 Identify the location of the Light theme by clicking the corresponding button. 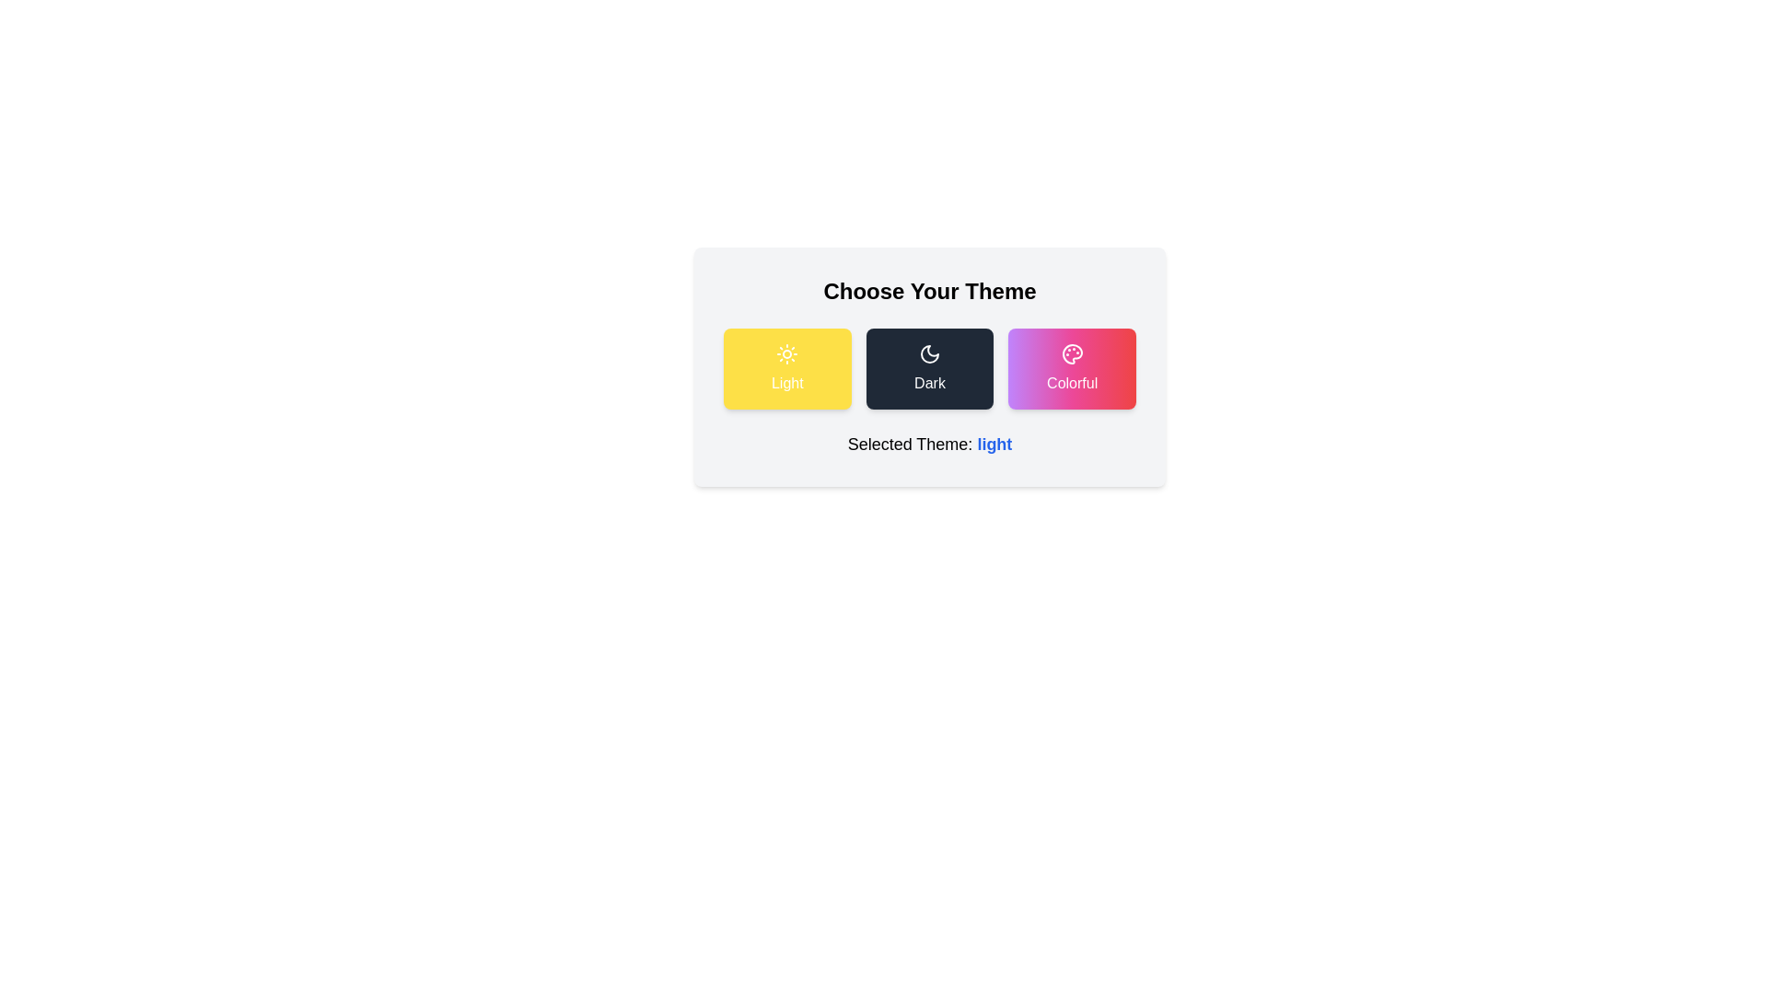
(786, 369).